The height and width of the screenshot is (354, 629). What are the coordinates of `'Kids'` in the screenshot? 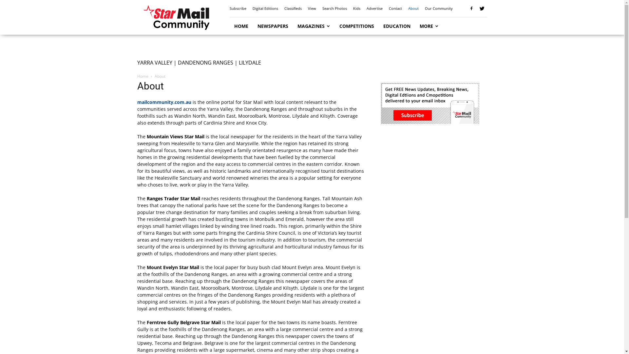 It's located at (356, 8).